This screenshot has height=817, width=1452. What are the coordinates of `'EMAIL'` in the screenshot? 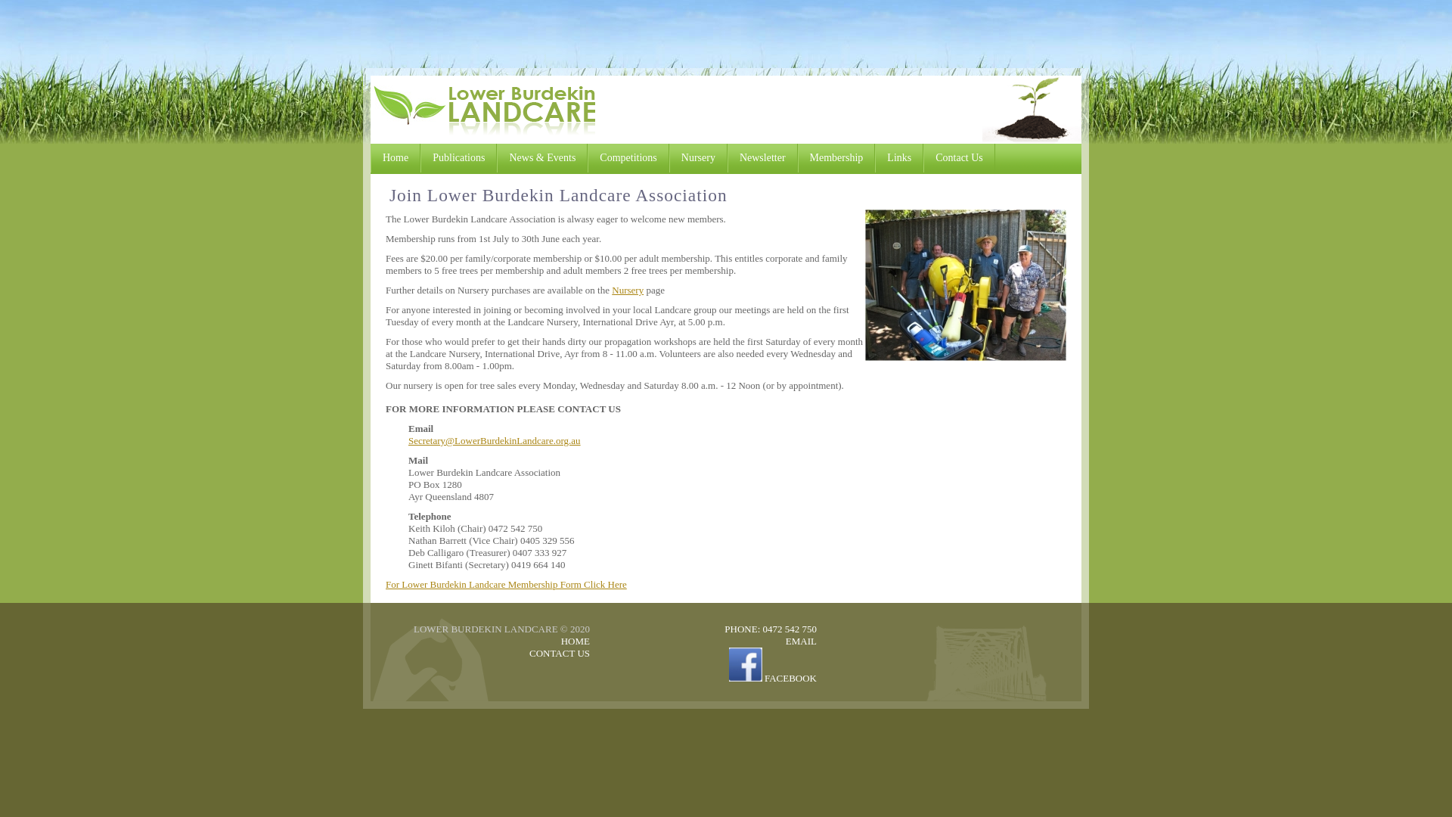 It's located at (785, 641).